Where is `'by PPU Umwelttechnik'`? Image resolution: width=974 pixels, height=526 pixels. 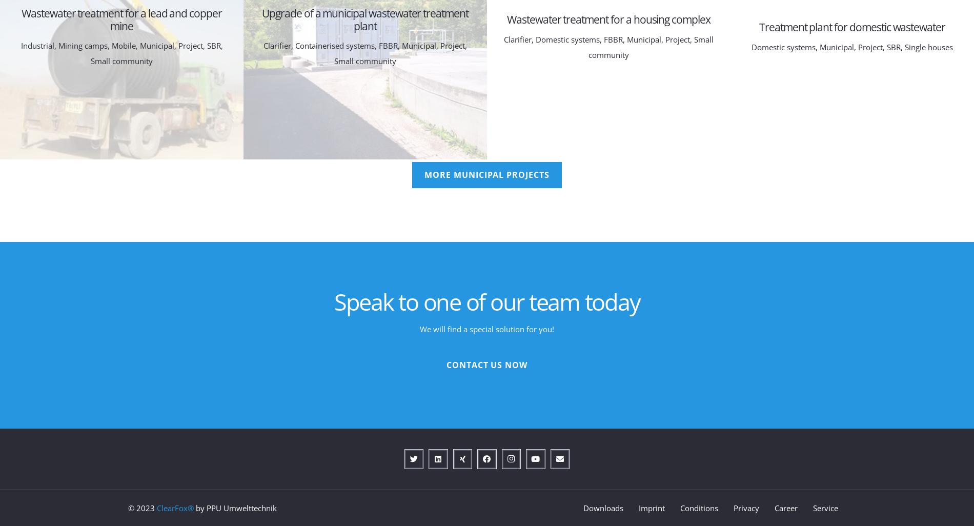
'by PPU Umwelttechnik' is located at coordinates (235, 508).